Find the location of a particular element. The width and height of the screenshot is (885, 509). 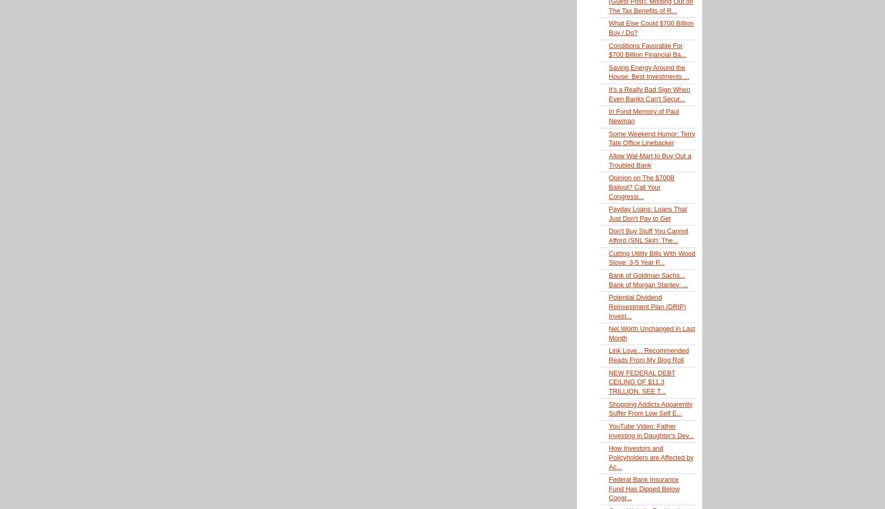

'Conditions Favorable For $700 Billion Financial Ba...' is located at coordinates (647, 50).